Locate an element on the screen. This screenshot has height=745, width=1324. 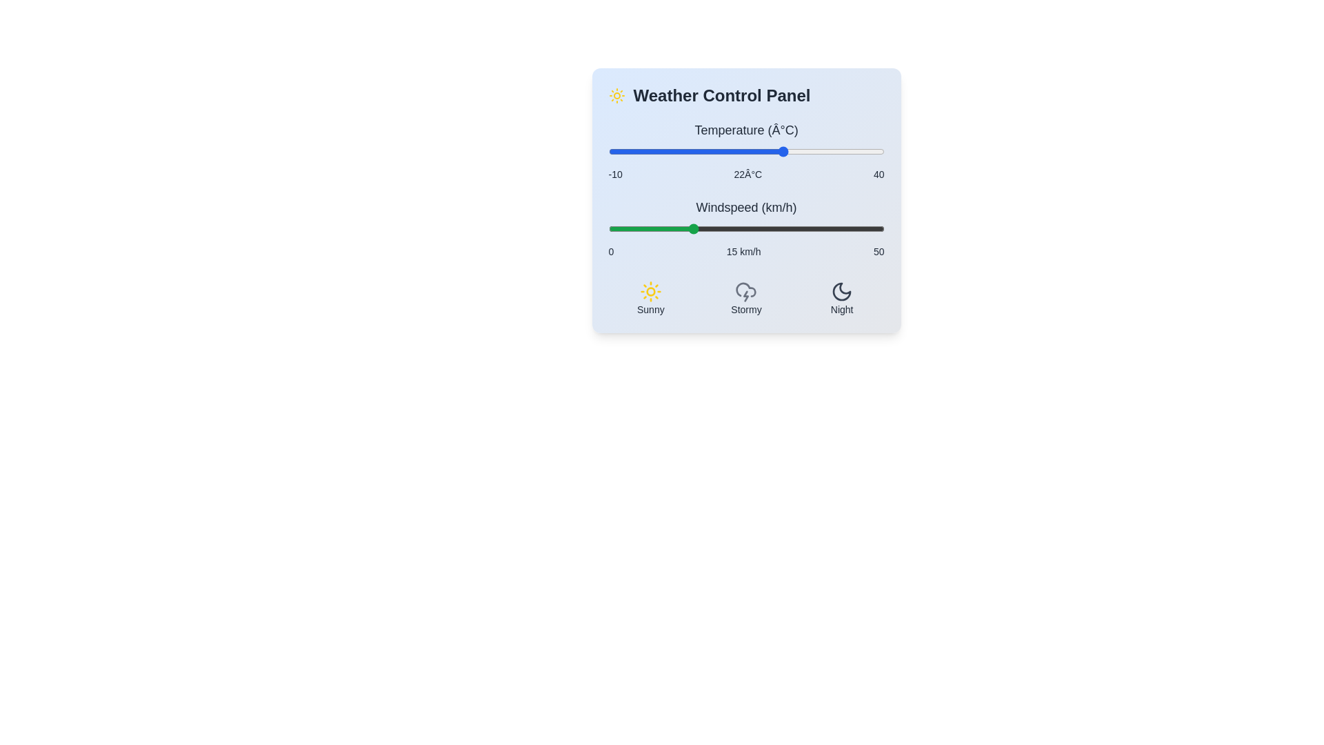
the static text label that specifies the unit of measurement for wind speed, which is located to the right of the label 'Windspeed (km/h)' is located at coordinates (779, 207).